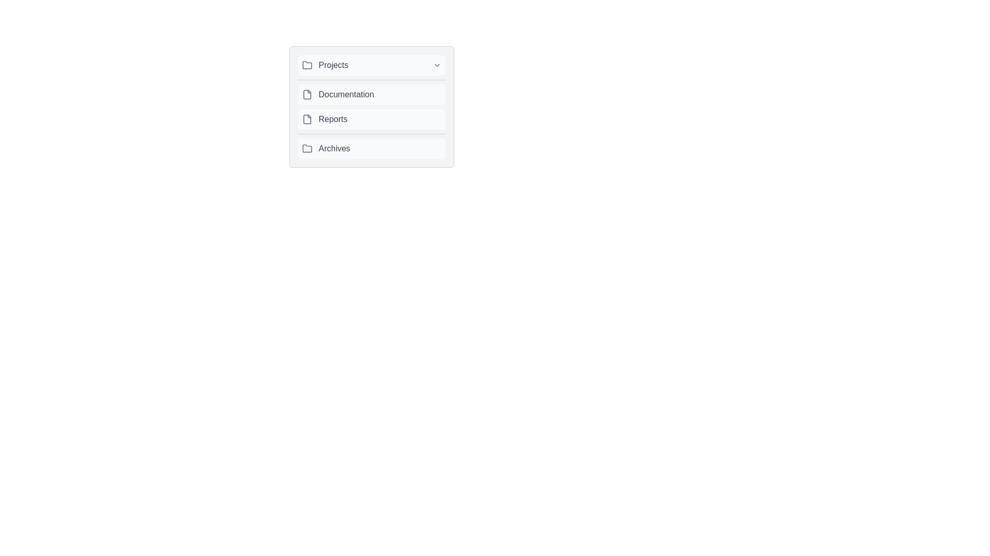 This screenshot has width=990, height=556. I want to click on the 'Reports' text label, which is displayed in medium gray font and is part of a clickable block, located in the third row of a vertical list of options, so click(333, 118).